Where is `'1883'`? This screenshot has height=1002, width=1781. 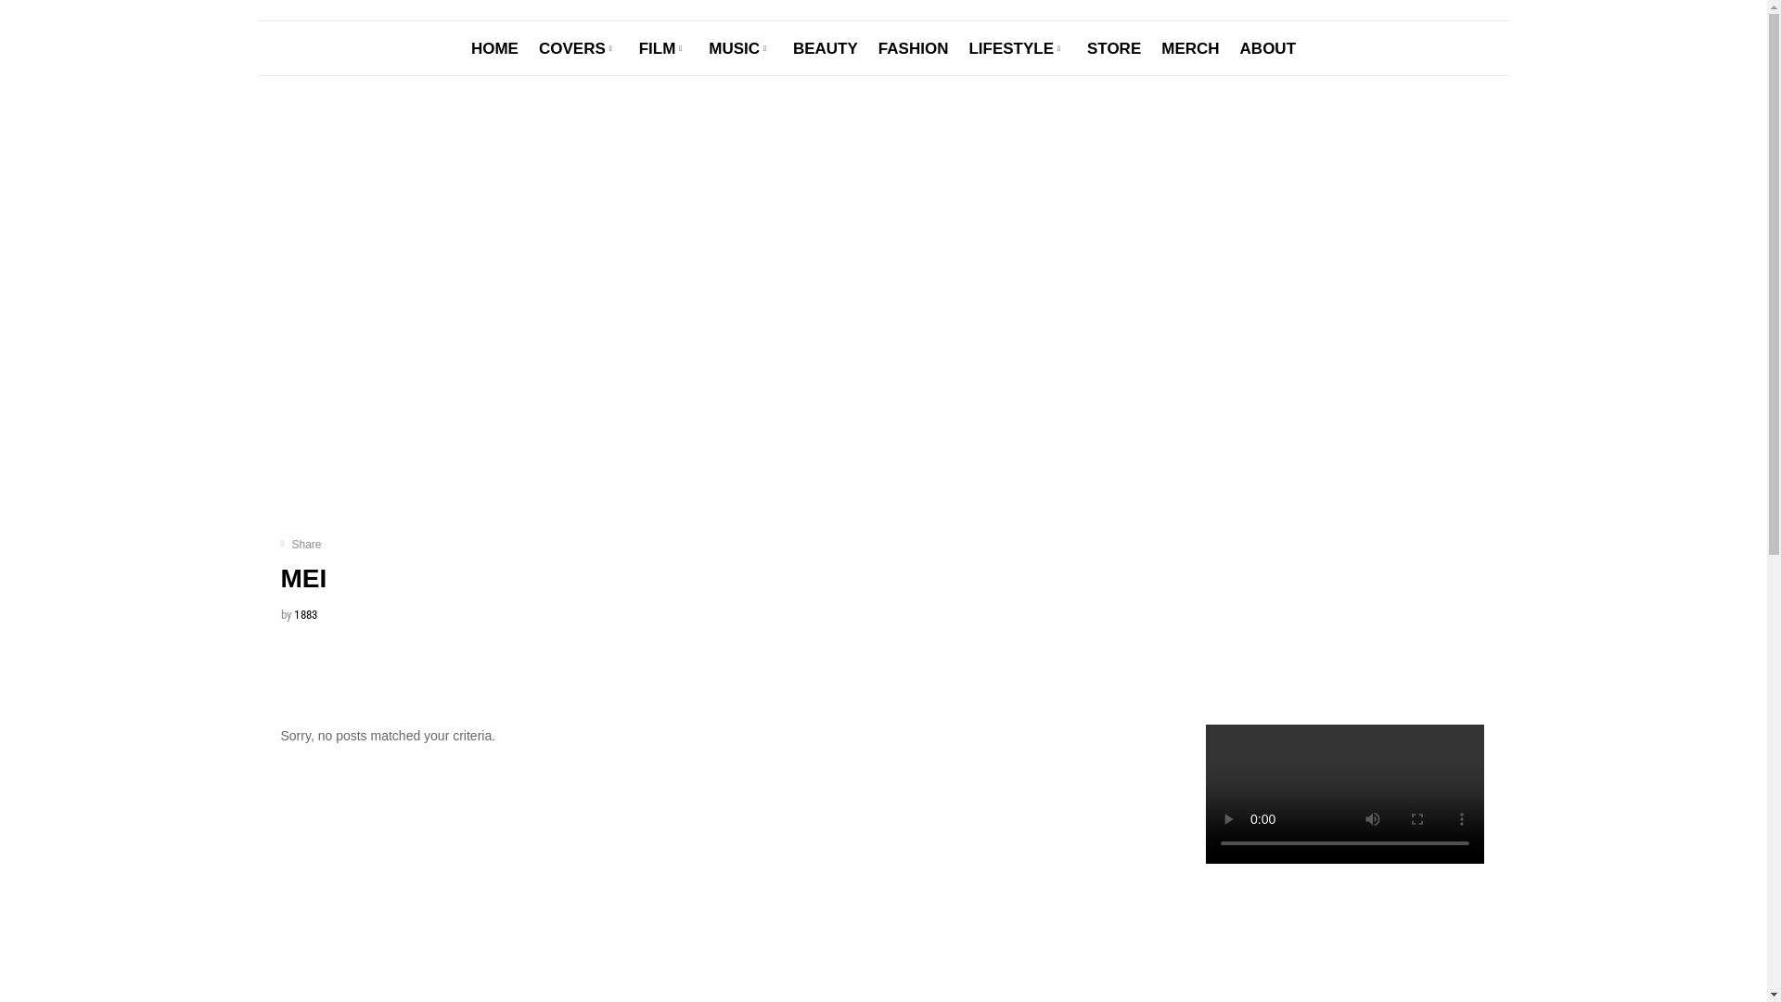 '1883' is located at coordinates (305, 614).